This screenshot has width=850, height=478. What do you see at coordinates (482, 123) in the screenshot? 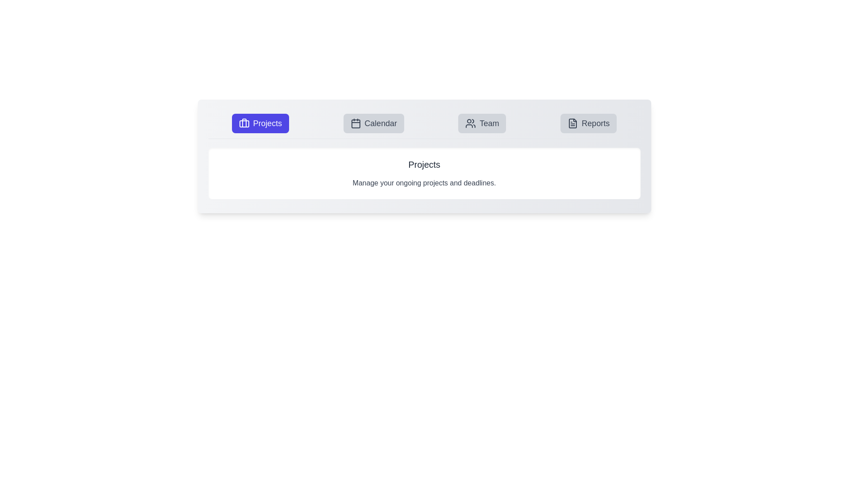
I see `the Team tab to view its content` at bounding box center [482, 123].